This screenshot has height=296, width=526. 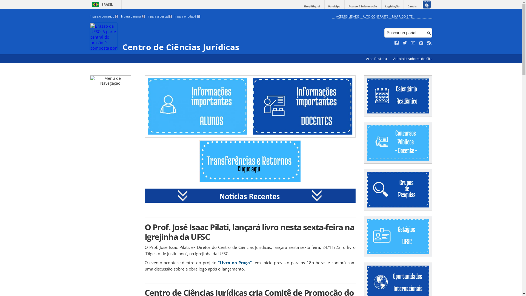 What do you see at coordinates (419, 43) in the screenshot?
I see `'Veja no Instagram'` at bounding box center [419, 43].